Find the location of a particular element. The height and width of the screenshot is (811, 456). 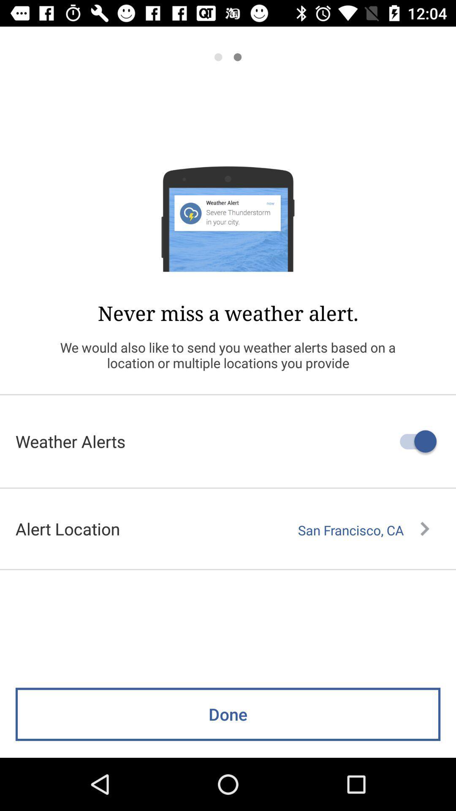

the san francisco, ca icon is located at coordinates (363, 530).